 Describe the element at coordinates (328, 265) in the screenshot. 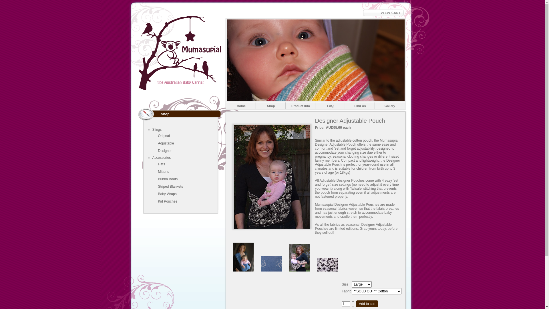

I see `'Black Daisy Baby Pouch'` at that location.